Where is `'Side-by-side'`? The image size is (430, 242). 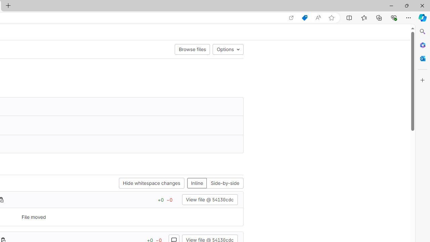 'Side-by-side' is located at coordinates (225, 183).